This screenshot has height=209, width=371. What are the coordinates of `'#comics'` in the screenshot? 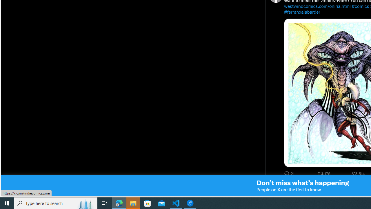 It's located at (360, 6).